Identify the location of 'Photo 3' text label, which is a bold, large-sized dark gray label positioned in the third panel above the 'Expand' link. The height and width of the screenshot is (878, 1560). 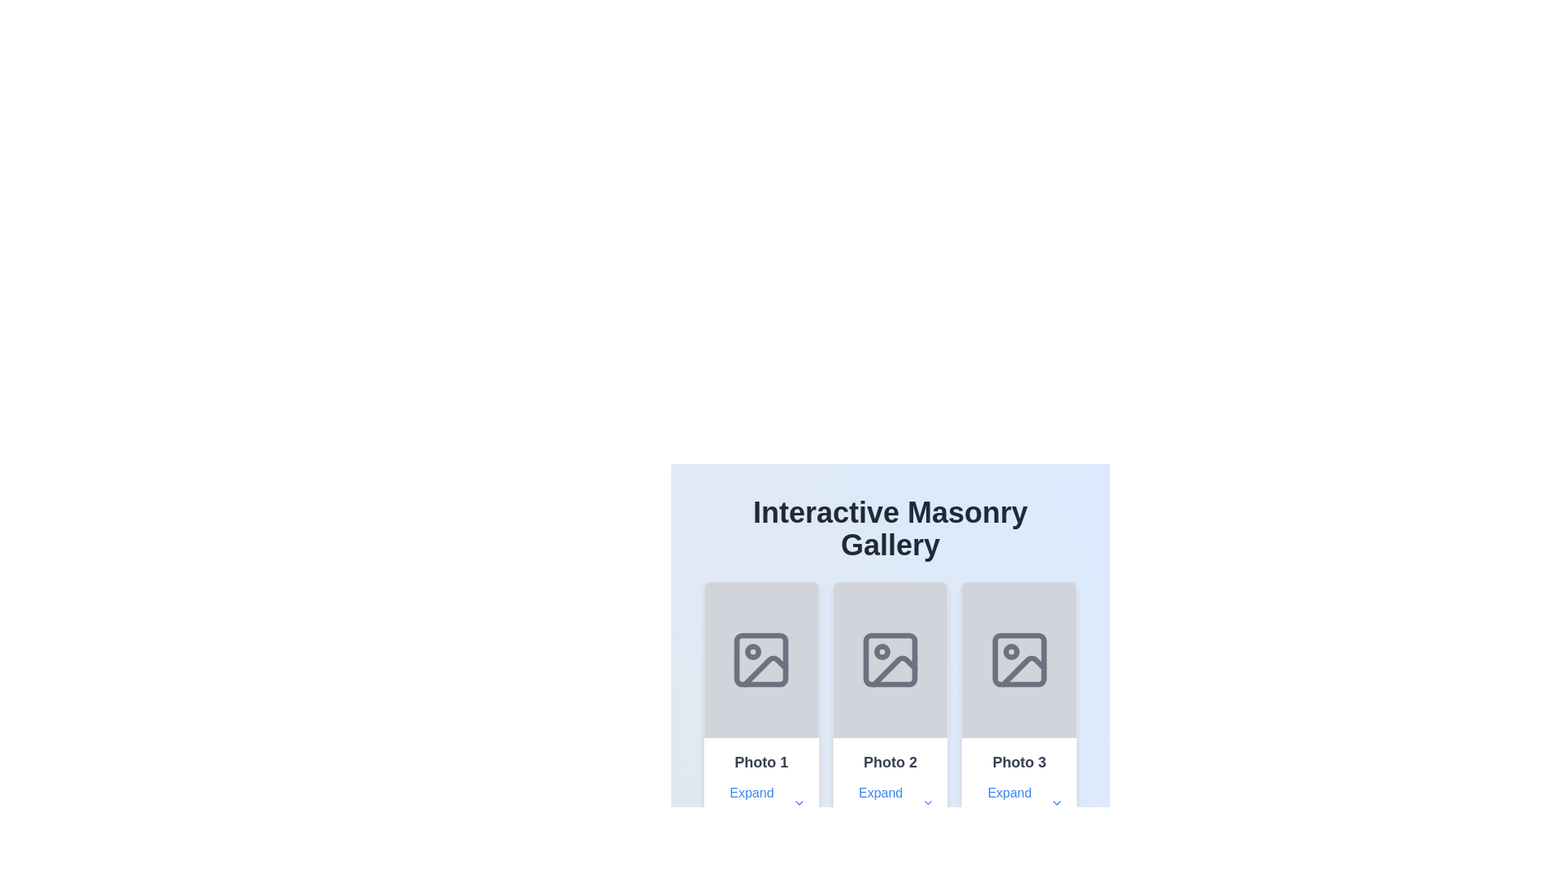
(1018, 762).